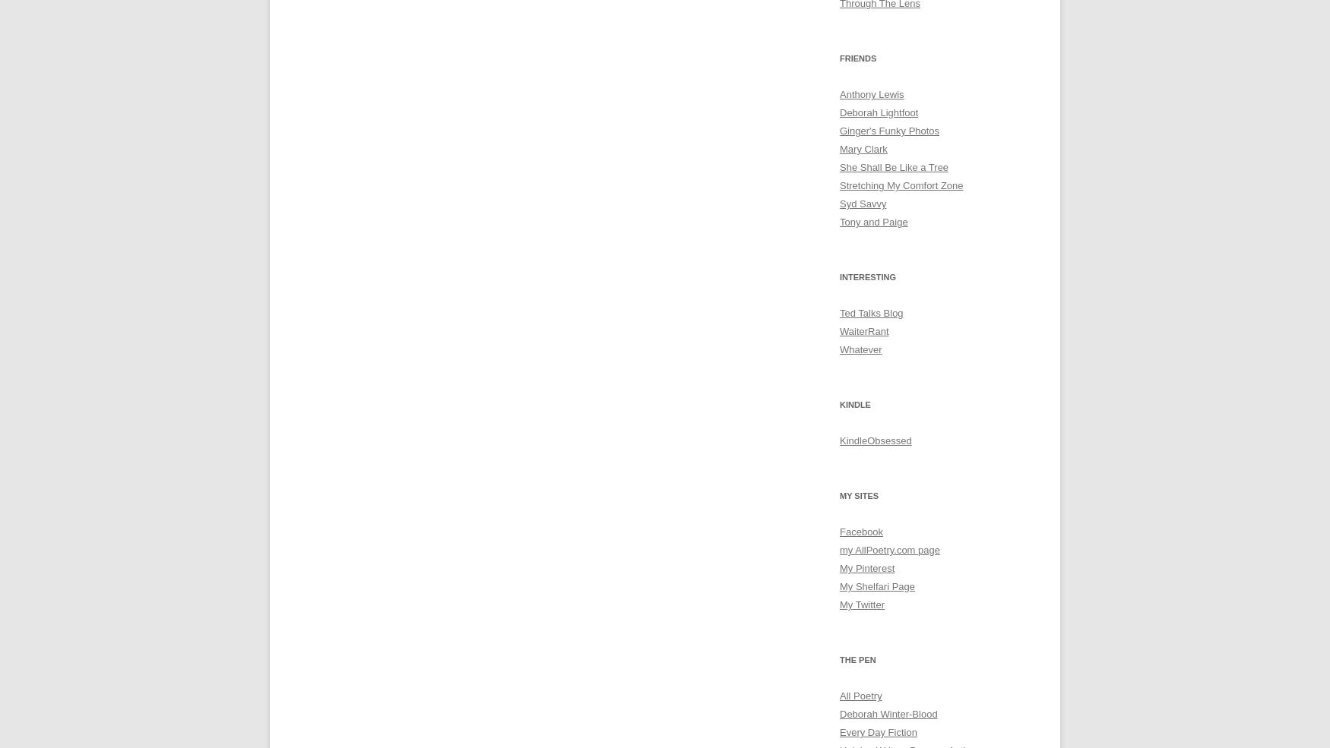 The image size is (1330, 748). What do you see at coordinates (860, 696) in the screenshot?
I see `'All Poetry'` at bounding box center [860, 696].